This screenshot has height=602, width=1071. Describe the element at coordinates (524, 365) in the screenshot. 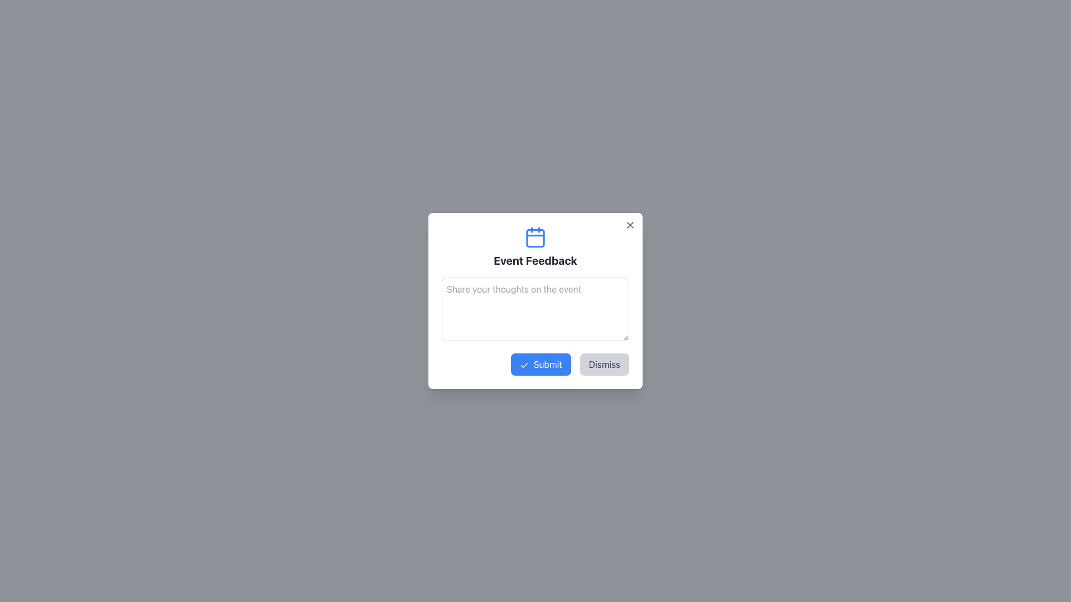

I see `the checkmark SVG icon located inside the blue 'Submit' button at the bottom-left section of the modal interface` at that location.